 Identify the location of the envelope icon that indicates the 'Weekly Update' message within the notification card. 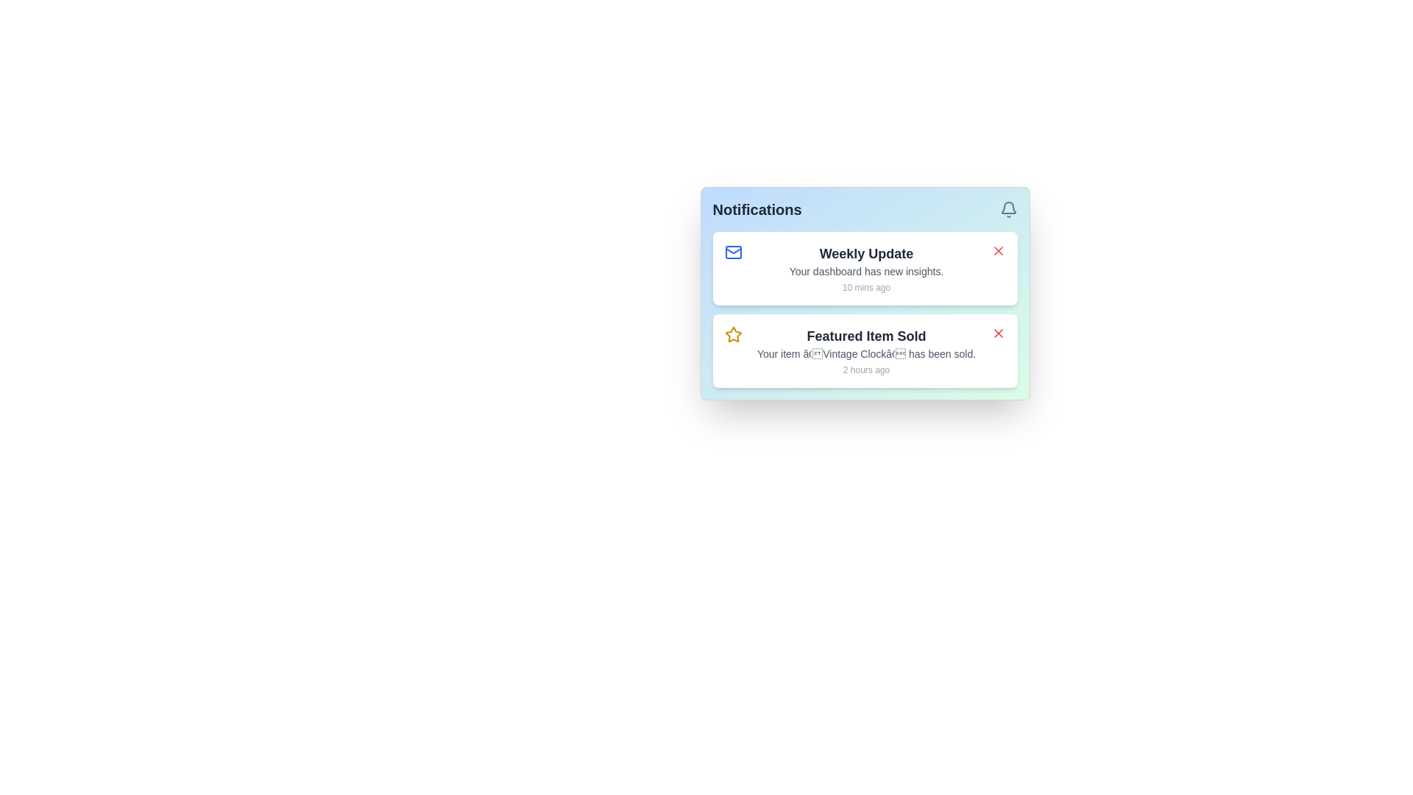
(733, 252).